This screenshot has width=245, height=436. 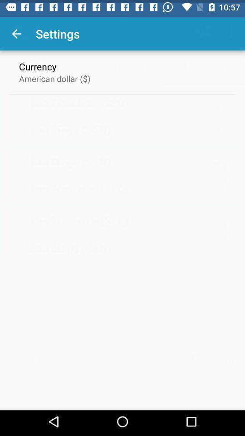 I want to click on the american dollar ($) item, so click(x=54, y=75).